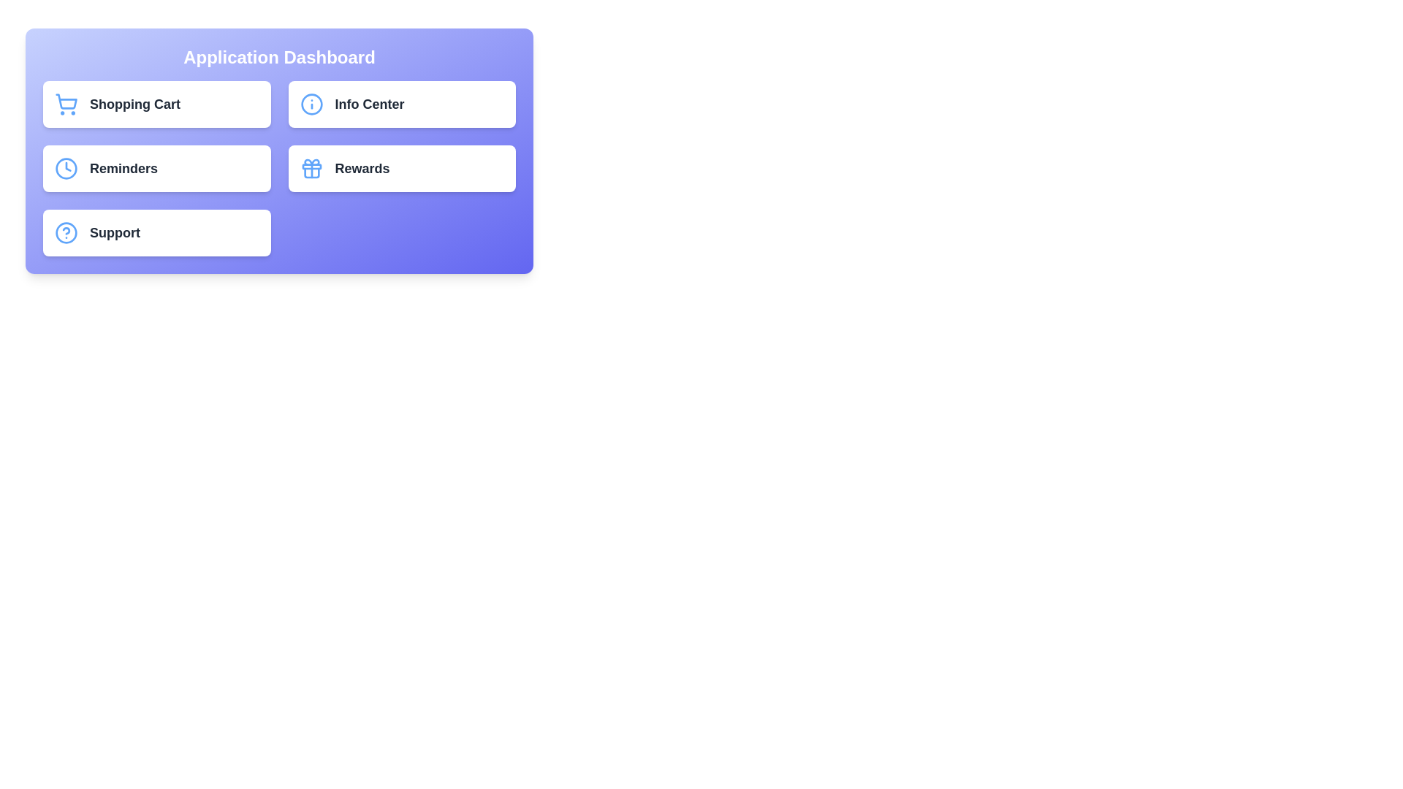 This screenshot has height=789, width=1403. I want to click on the functionality of the blue shopping cart icon located adjacent to the 'Shopping Cart' text on the dashboard layout, so click(66, 103).